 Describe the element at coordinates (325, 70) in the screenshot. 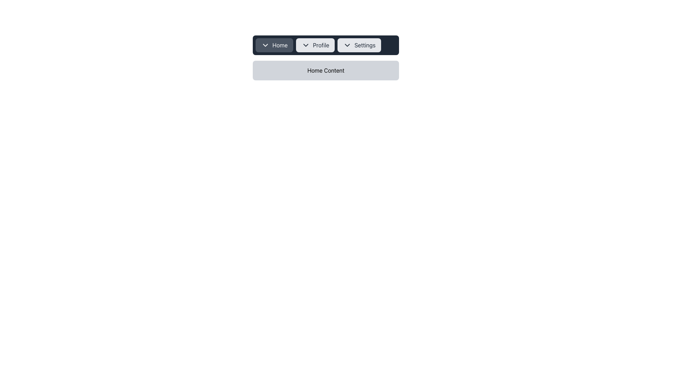

I see `the static text label that serves as a header or section descriptor for the content related to 'Home', positioned directly beneath the navigation bar` at that location.